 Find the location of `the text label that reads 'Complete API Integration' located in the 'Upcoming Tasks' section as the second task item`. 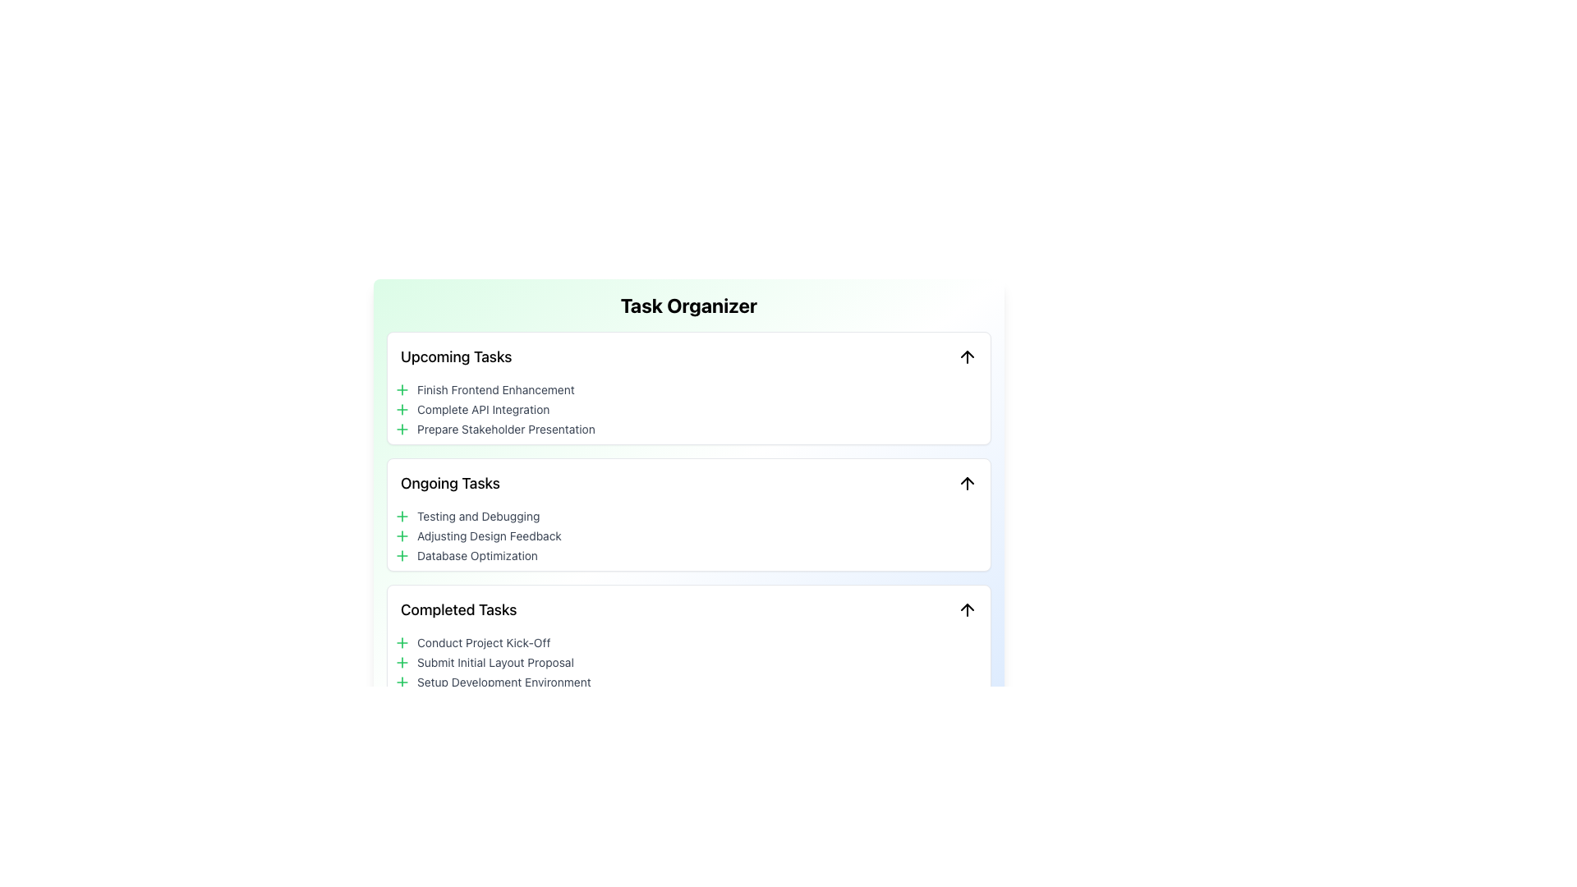

the text label that reads 'Complete API Integration' located in the 'Upcoming Tasks' section as the second task item is located at coordinates (482, 408).